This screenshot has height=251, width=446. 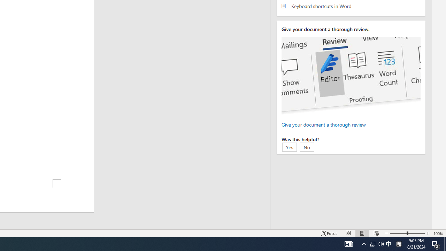 What do you see at coordinates (307, 146) in the screenshot?
I see `'No'` at bounding box center [307, 146].